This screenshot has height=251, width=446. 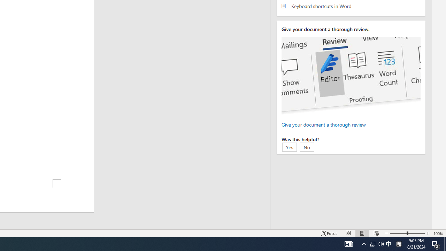 What do you see at coordinates (307, 146) in the screenshot?
I see `'No'` at bounding box center [307, 146].